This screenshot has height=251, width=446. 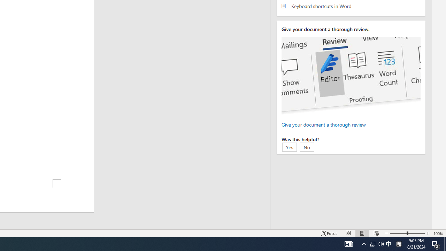 What do you see at coordinates (307, 146) in the screenshot?
I see `'No'` at bounding box center [307, 146].